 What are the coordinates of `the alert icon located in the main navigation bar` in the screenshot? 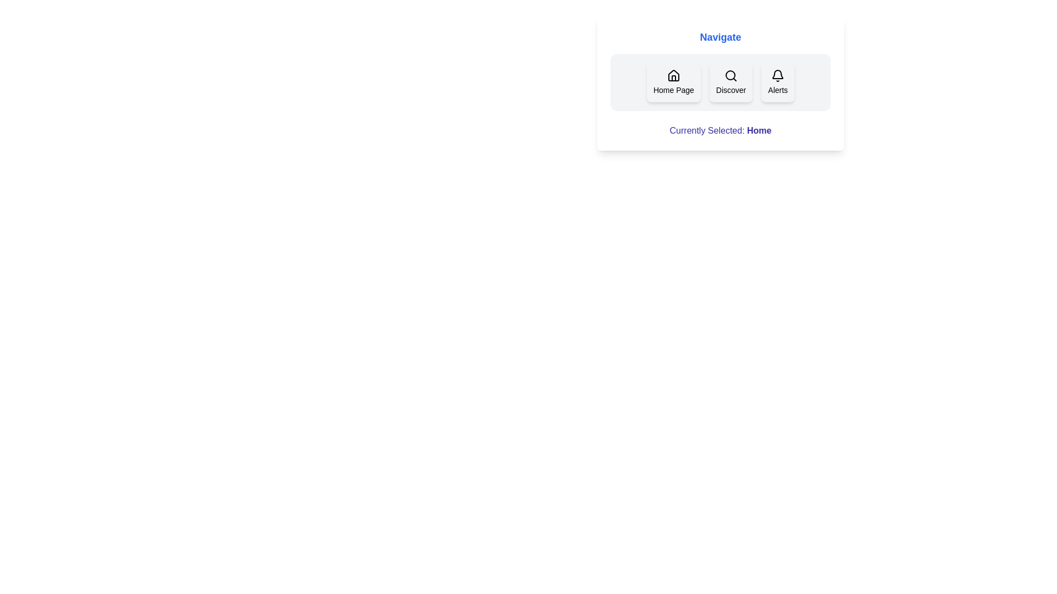 It's located at (777, 74).